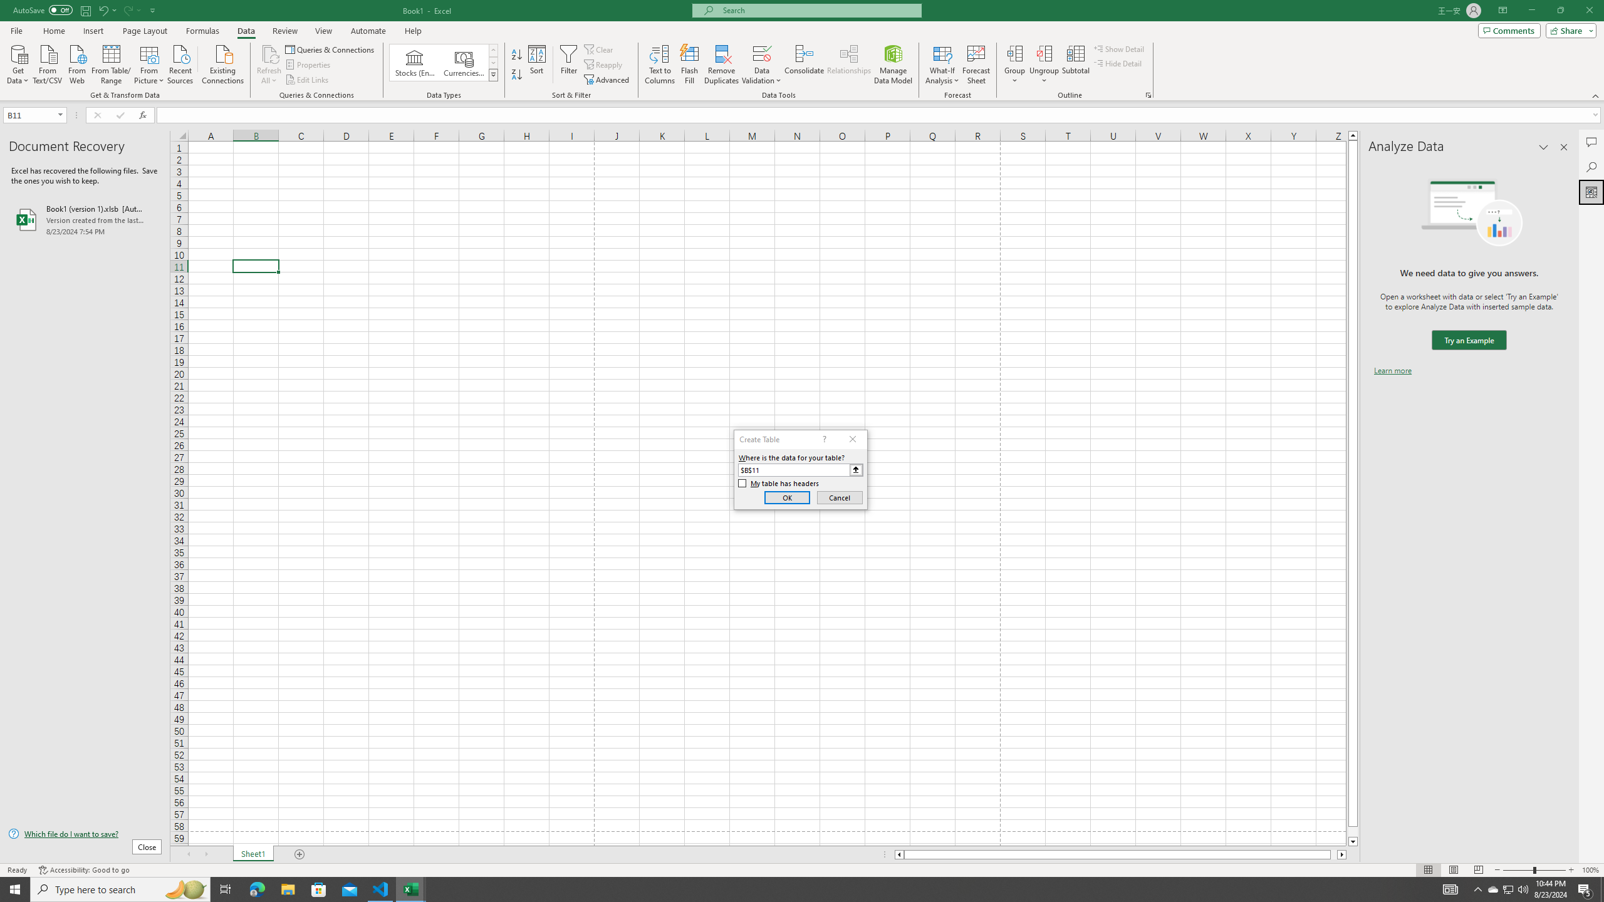 The image size is (1604, 902). What do you see at coordinates (84, 219) in the screenshot?
I see `'Book1 (version 1).xlsb  [AutoRecovered]'` at bounding box center [84, 219].